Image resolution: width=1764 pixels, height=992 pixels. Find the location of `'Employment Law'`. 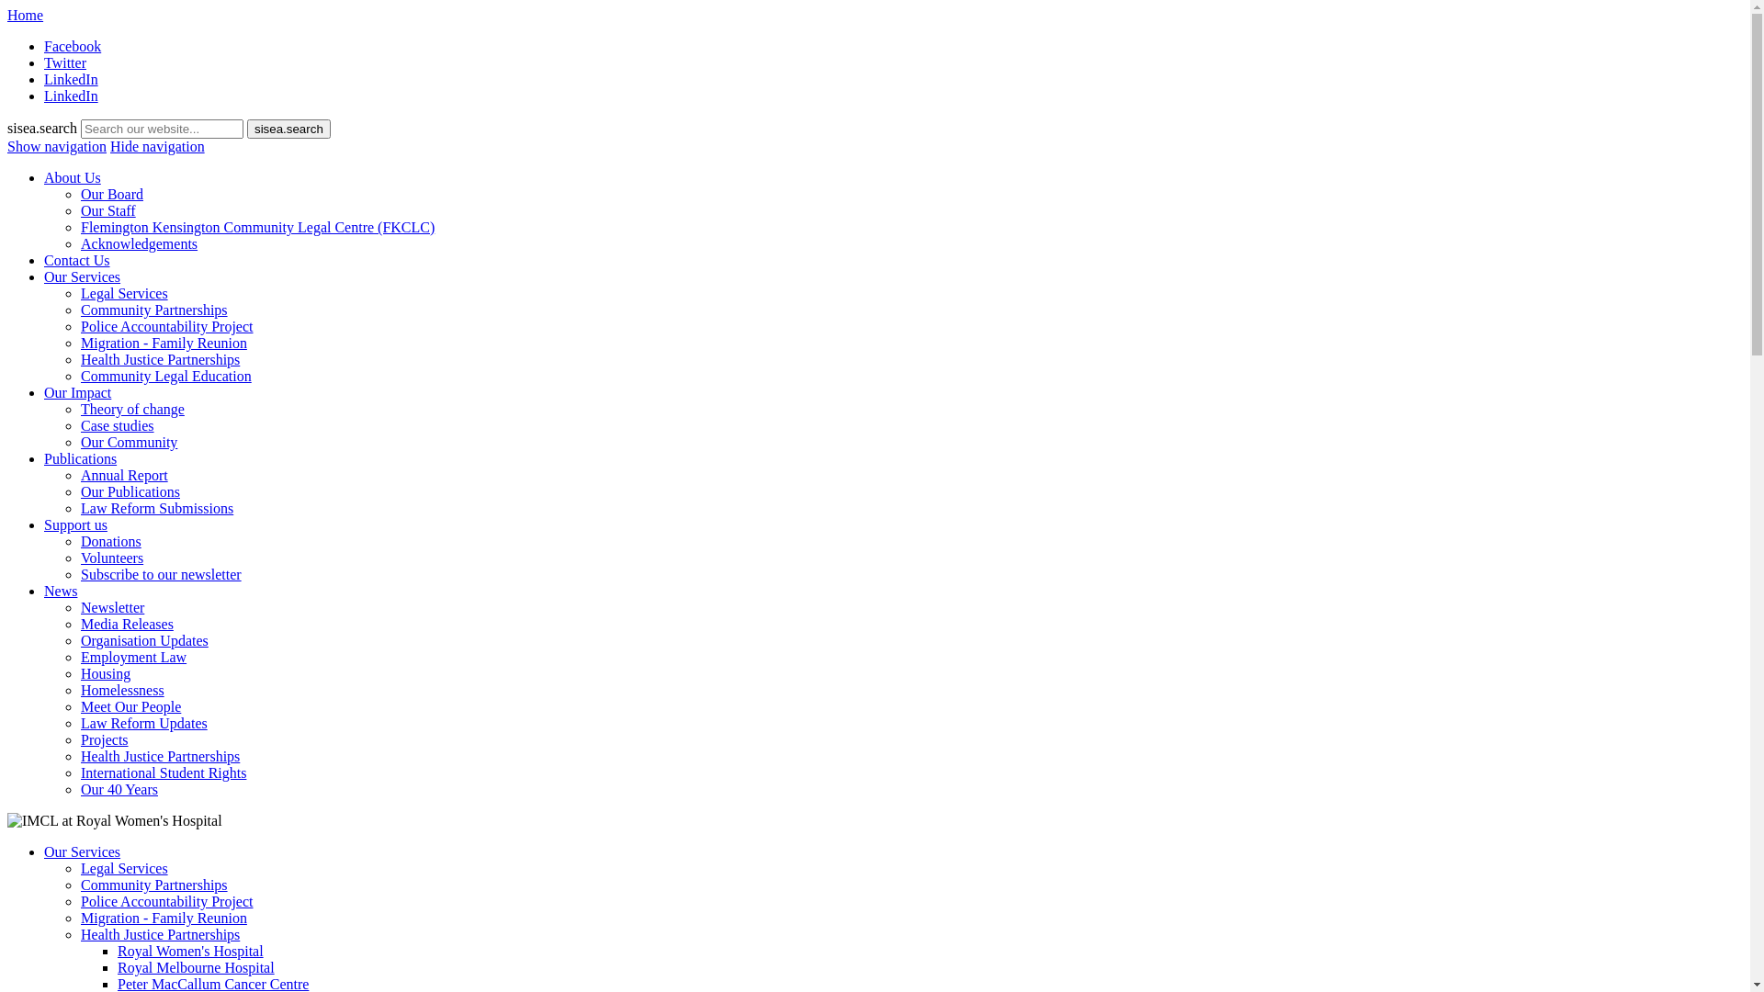

'Employment Law' is located at coordinates (132, 656).